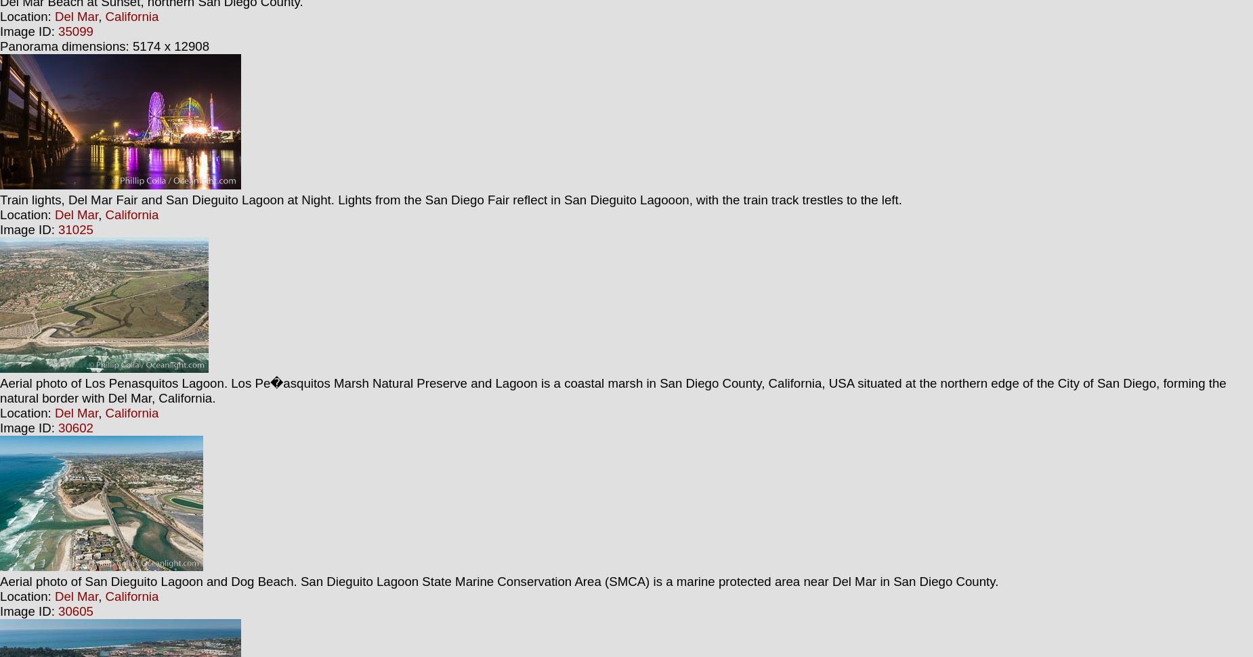  I want to click on 'Panorama dimensions: 5174 x 12908', so click(104, 45).